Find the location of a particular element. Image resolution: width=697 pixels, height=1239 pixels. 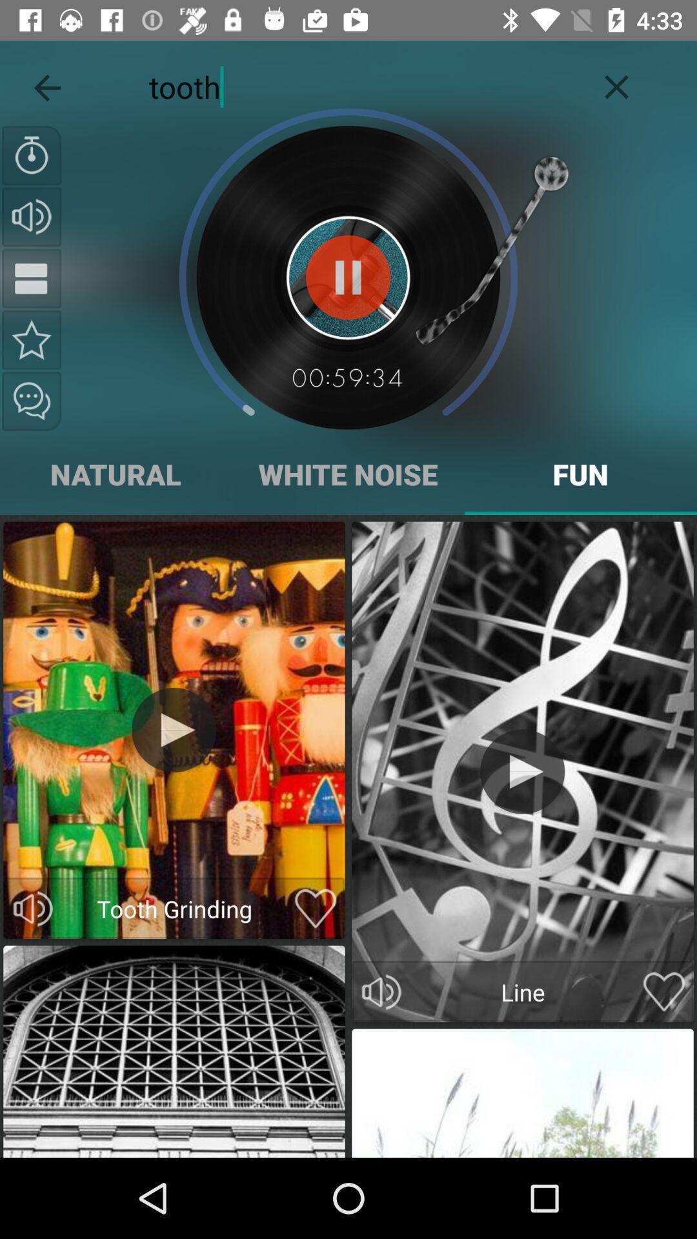

mark as favorite is located at coordinates (664, 991).